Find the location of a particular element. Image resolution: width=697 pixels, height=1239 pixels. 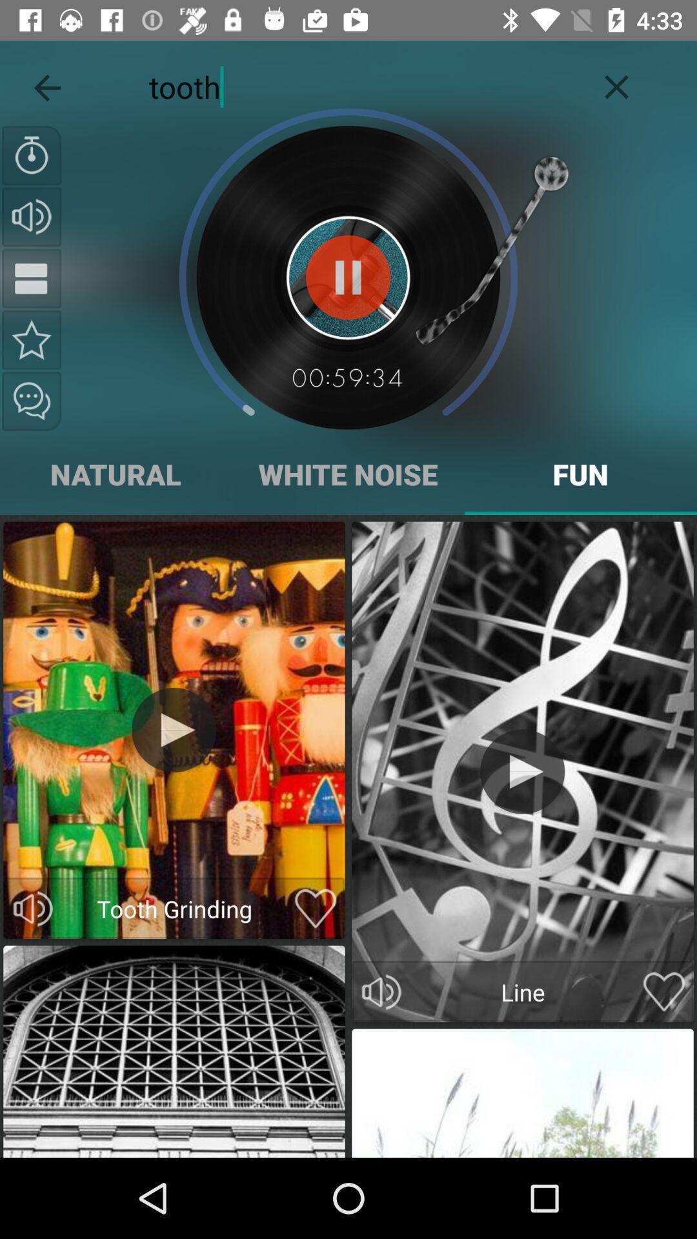

mark as favorite is located at coordinates (664, 991).